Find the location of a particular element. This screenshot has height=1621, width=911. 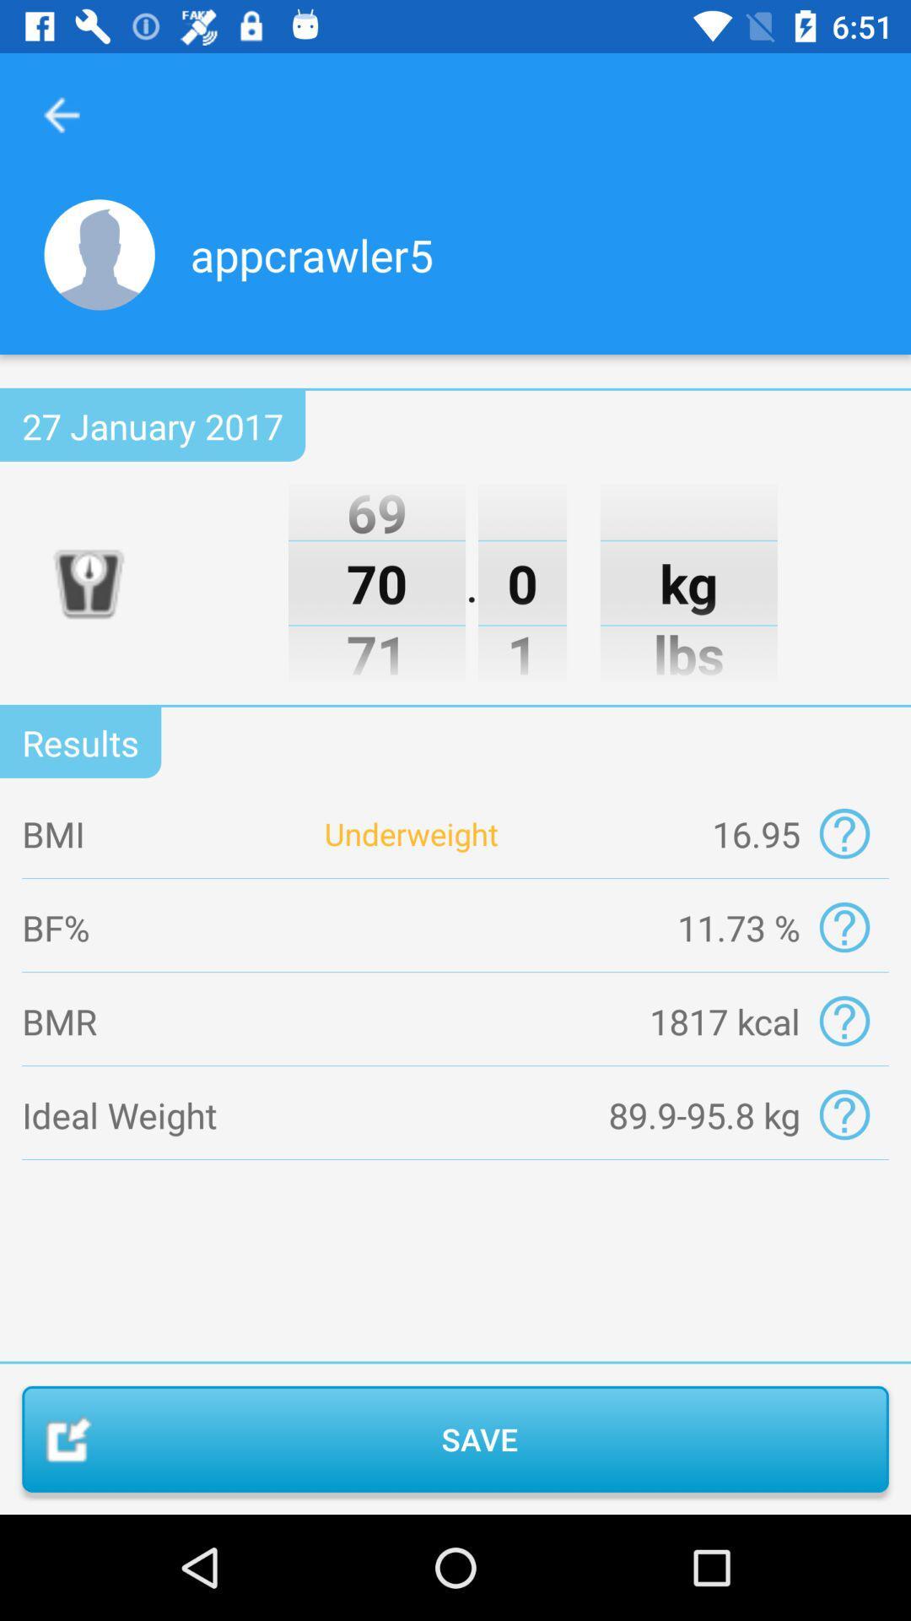

the save is located at coordinates (455, 1438).